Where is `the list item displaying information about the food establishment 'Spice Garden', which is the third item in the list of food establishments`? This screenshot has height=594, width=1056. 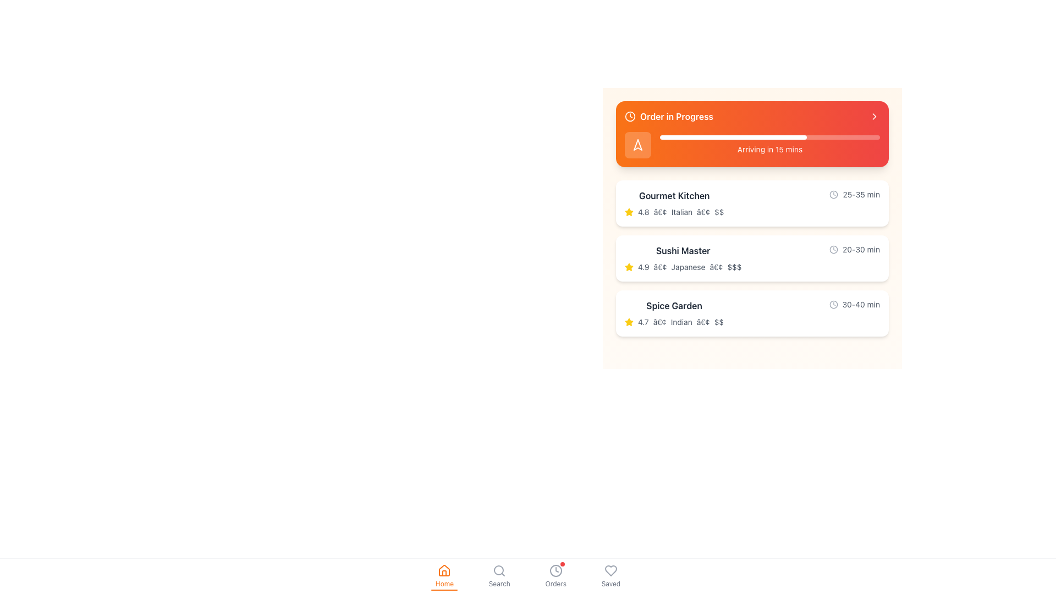 the list item displaying information about the food establishment 'Spice Garden', which is the third item in the list of food establishments is located at coordinates (674, 313).